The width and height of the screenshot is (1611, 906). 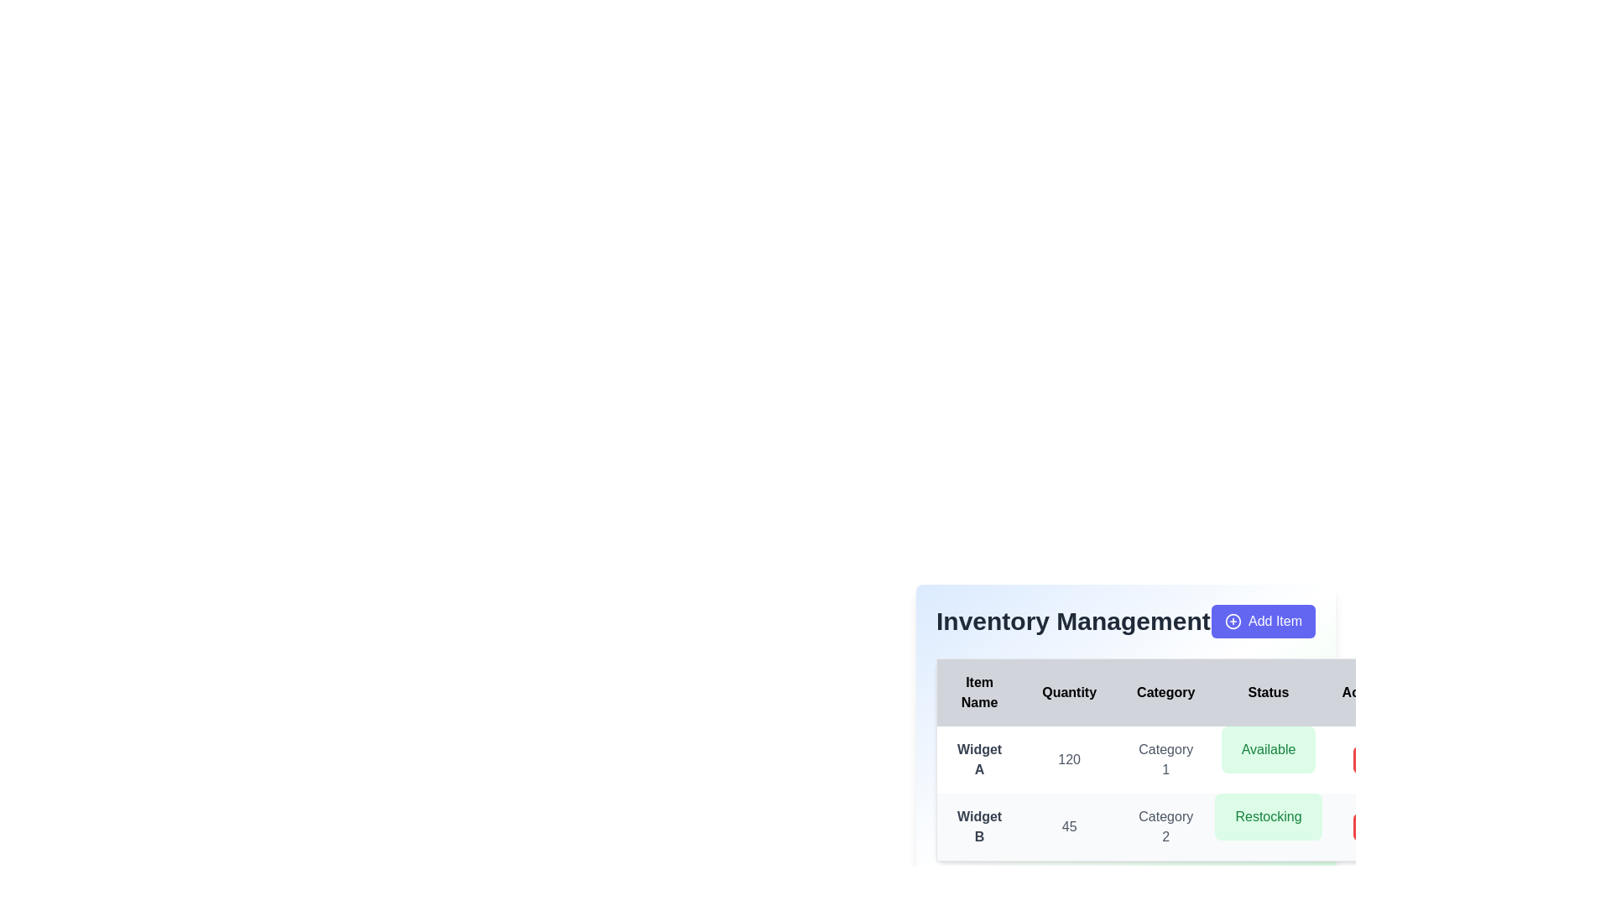 What do you see at coordinates (1232, 621) in the screenshot?
I see `the decorative icon within the 'Add Item' button located at the top right of the interface` at bounding box center [1232, 621].